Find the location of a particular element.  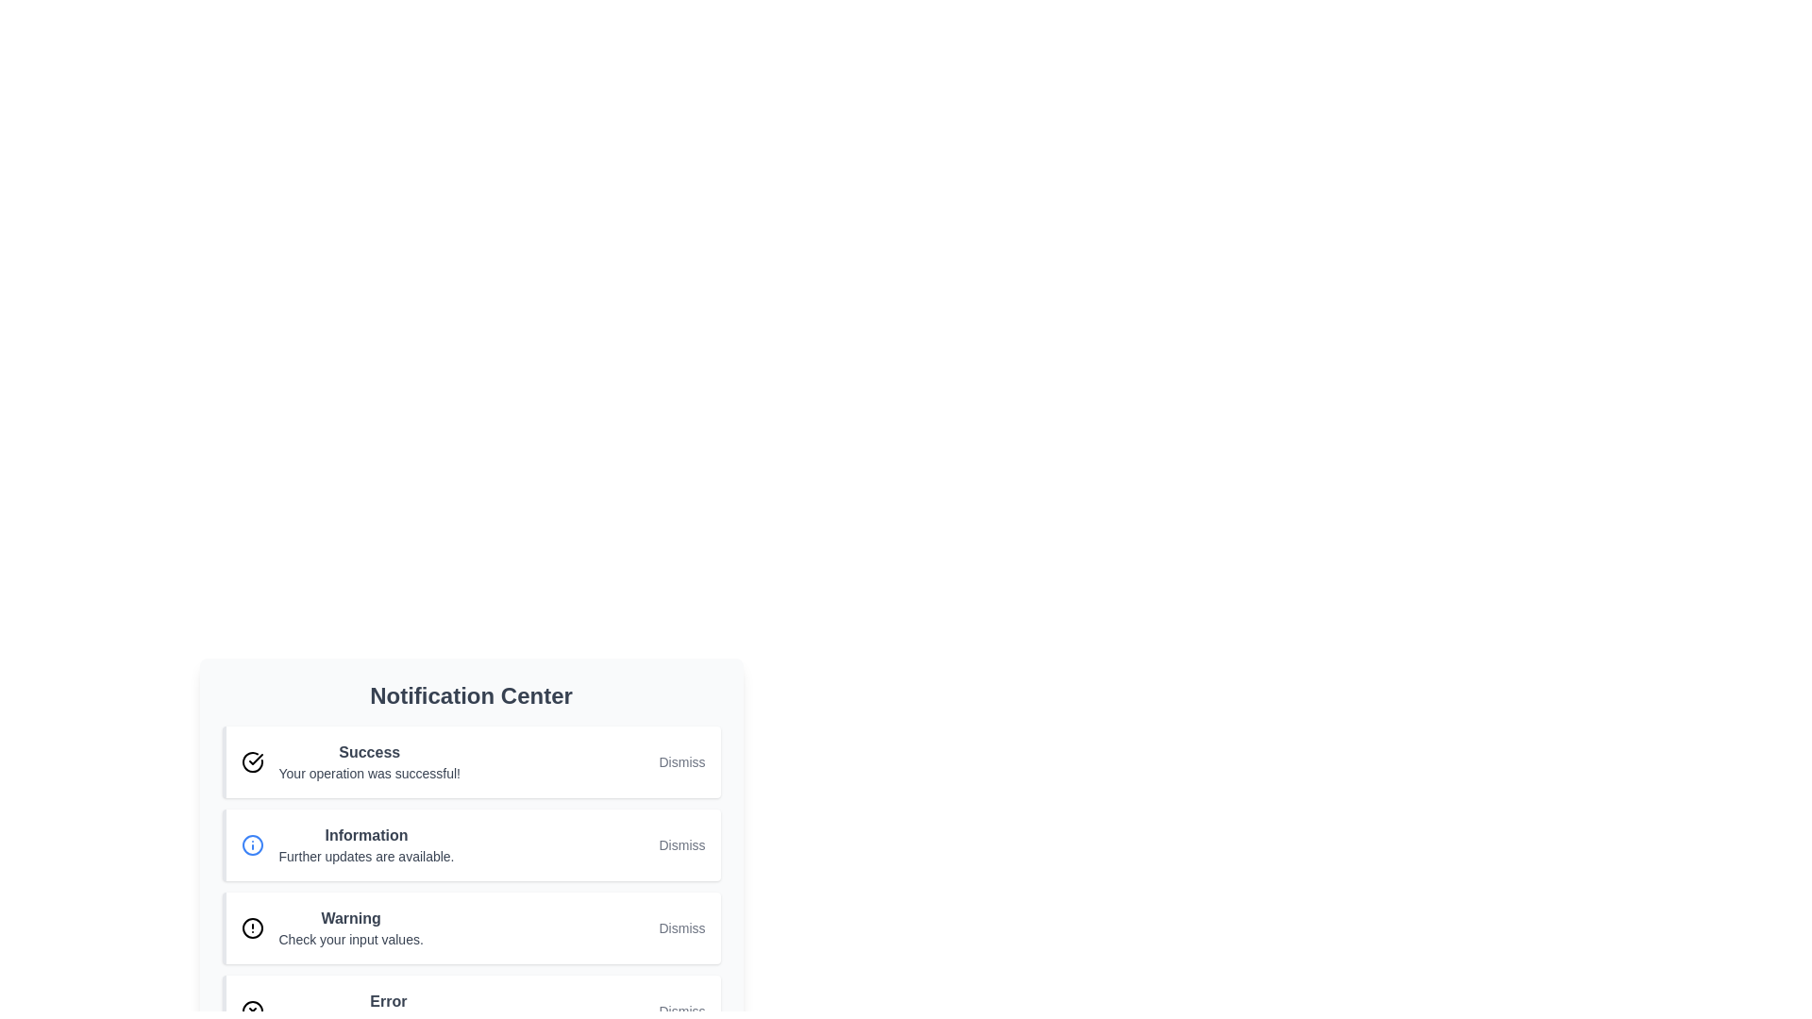

the 'Warning' notification displaying 'Check your input values.' in the Notification Center is located at coordinates (351, 927).